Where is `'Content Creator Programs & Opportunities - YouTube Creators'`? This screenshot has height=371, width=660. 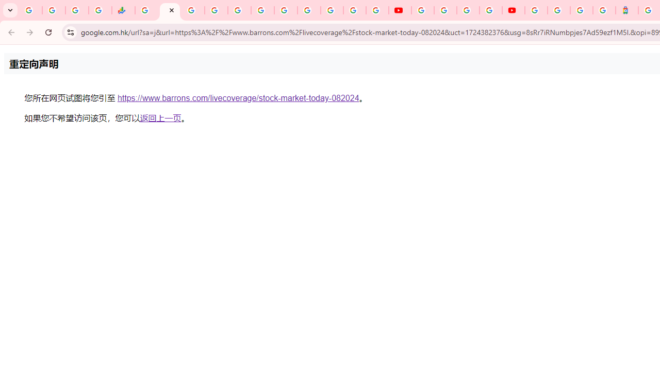 'Content Creator Programs & Opportunities - YouTube Creators' is located at coordinates (513, 10).